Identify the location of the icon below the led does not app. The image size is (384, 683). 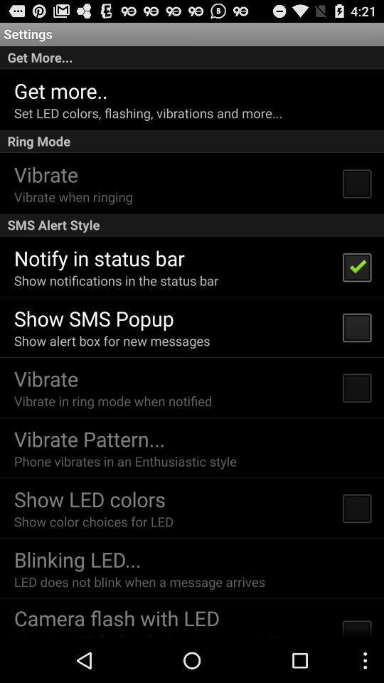
(116, 617).